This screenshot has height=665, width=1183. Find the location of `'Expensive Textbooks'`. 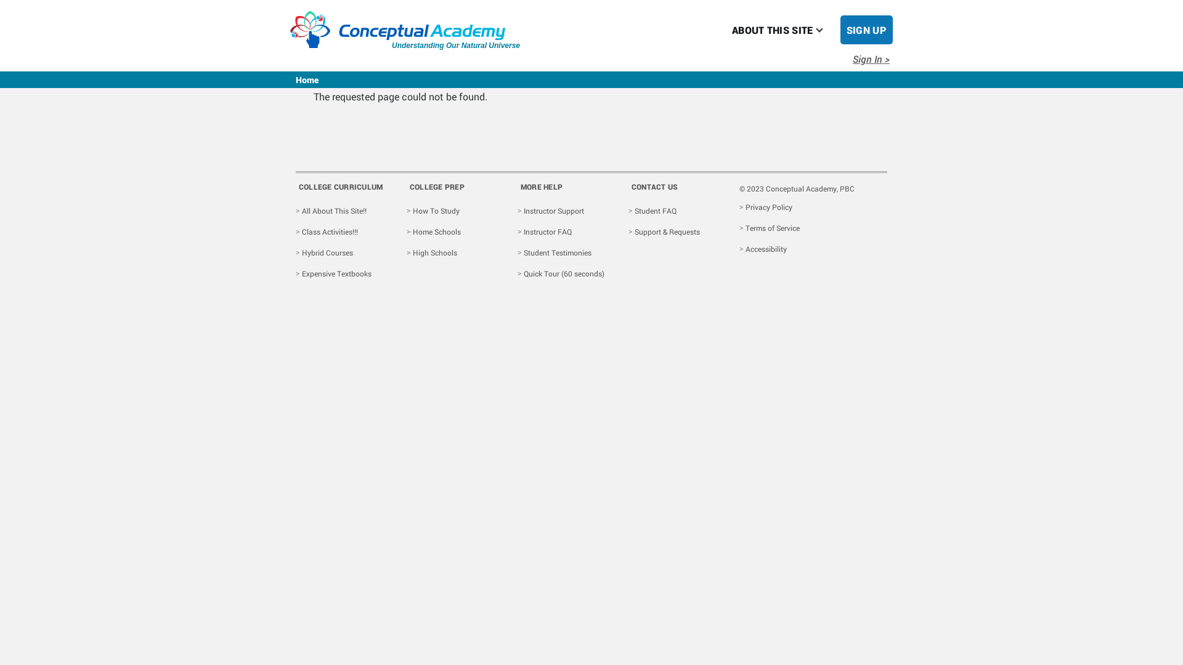

'Expensive Textbooks' is located at coordinates (336, 272).